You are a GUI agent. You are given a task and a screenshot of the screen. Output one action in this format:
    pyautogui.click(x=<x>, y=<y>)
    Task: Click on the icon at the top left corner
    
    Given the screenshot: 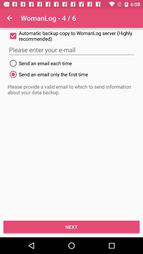 What is the action you would take?
    pyautogui.click(x=10, y=18)
    